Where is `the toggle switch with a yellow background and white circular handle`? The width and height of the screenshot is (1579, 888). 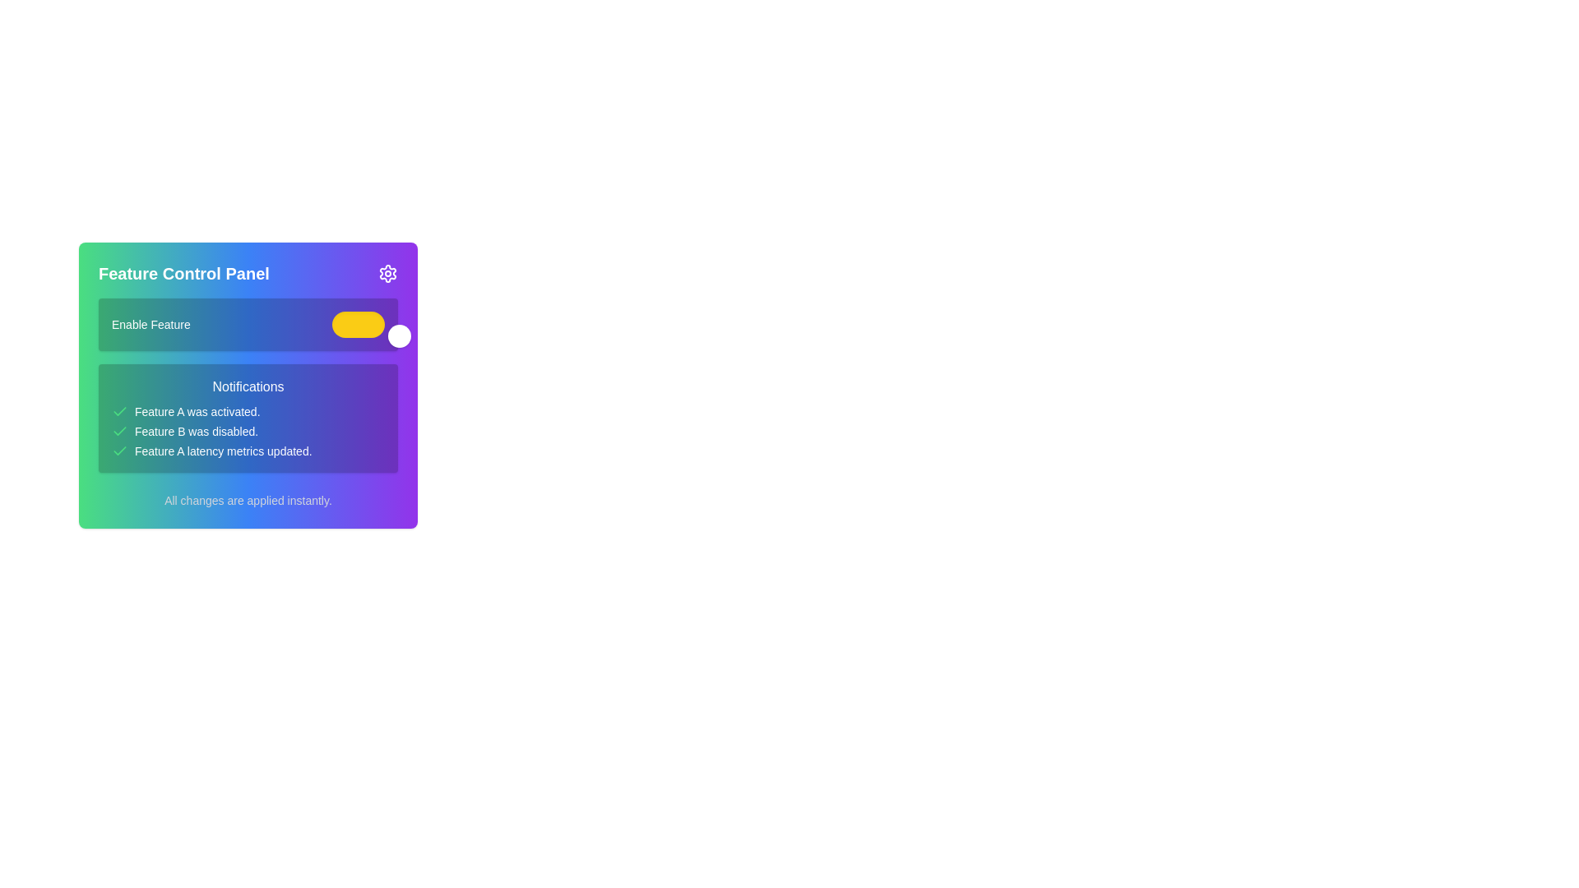 the toggle switch with a yellow background and white circular handle is located at coordinates (358, 324).